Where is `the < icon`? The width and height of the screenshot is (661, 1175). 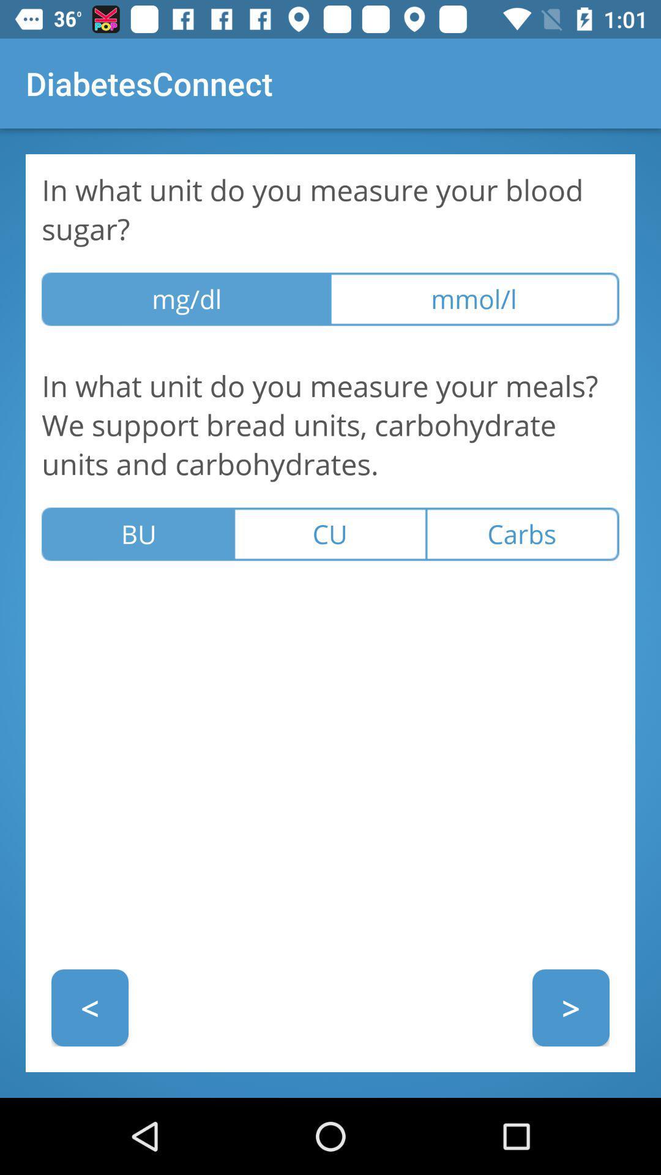
the < icon is located at coordinates (89, 1007).